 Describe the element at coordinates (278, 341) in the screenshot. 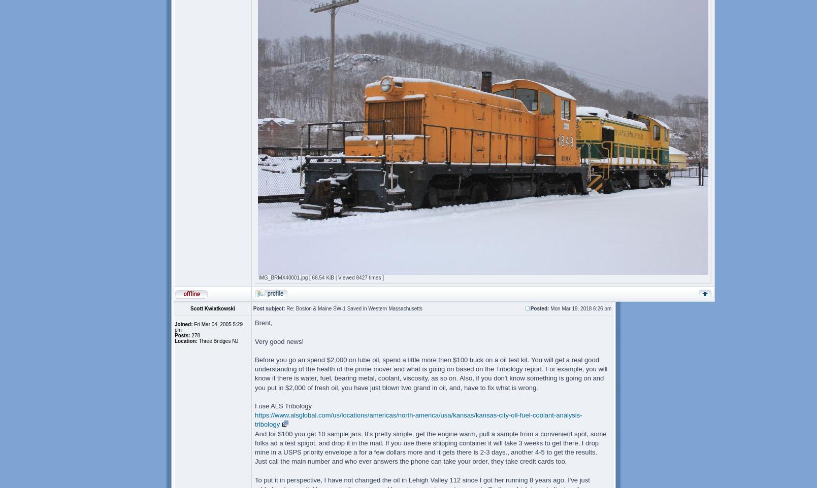

I see `'Very good news!'` at that location.